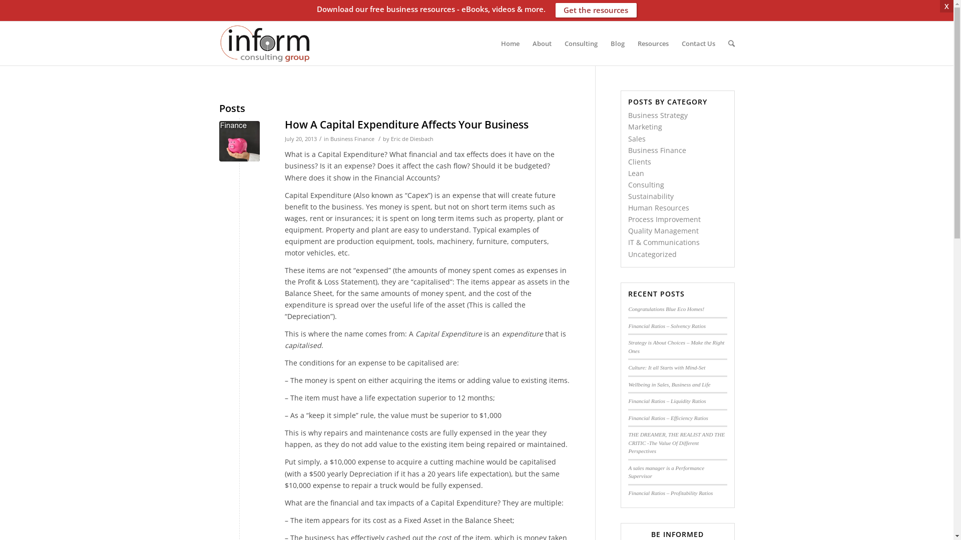 The image size is (961, 540). Describe the element at coordinates (627, 367) in the screenshot. I see `'Culture: It all Starts with Mind-Set'` at that location.